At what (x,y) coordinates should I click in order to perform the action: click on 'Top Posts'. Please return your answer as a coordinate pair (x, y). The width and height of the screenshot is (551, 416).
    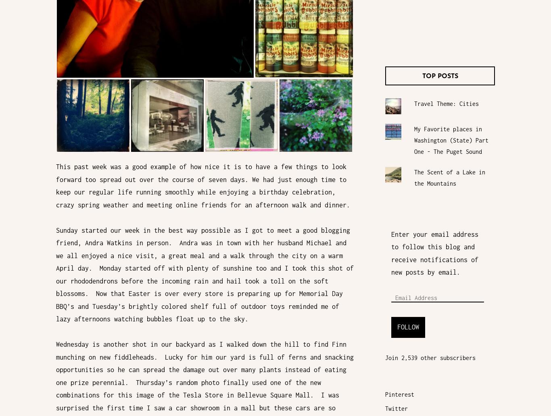
    Looking at the image, I should click on (439, 76).